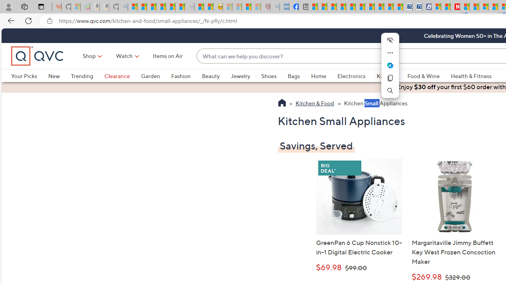  I want to click on 'Fashion', so click(180, 76).